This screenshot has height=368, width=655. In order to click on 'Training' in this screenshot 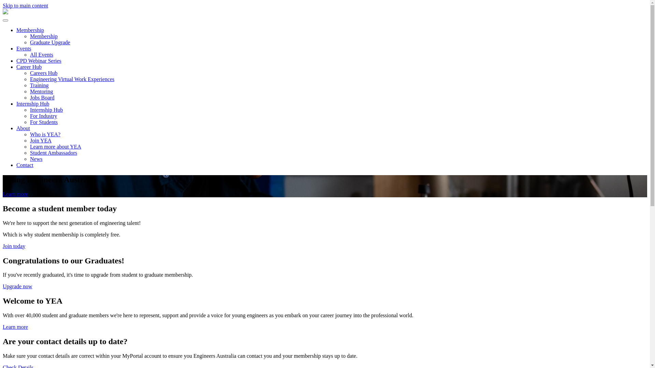, I will do `click(39, 85)`.